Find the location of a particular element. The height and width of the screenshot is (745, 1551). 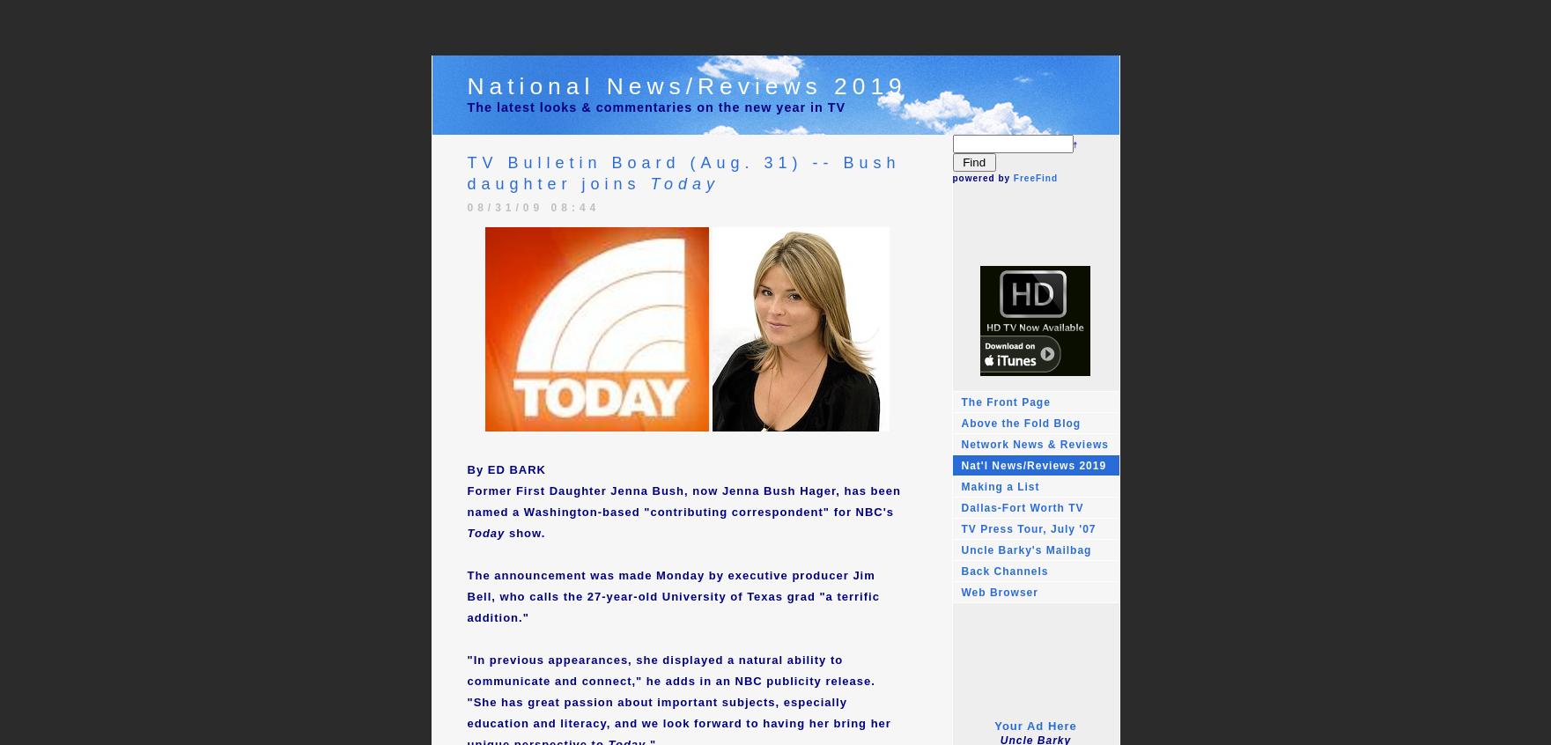

'Dallas-Fort Worth TV' is located at coordinates (1021, 506).